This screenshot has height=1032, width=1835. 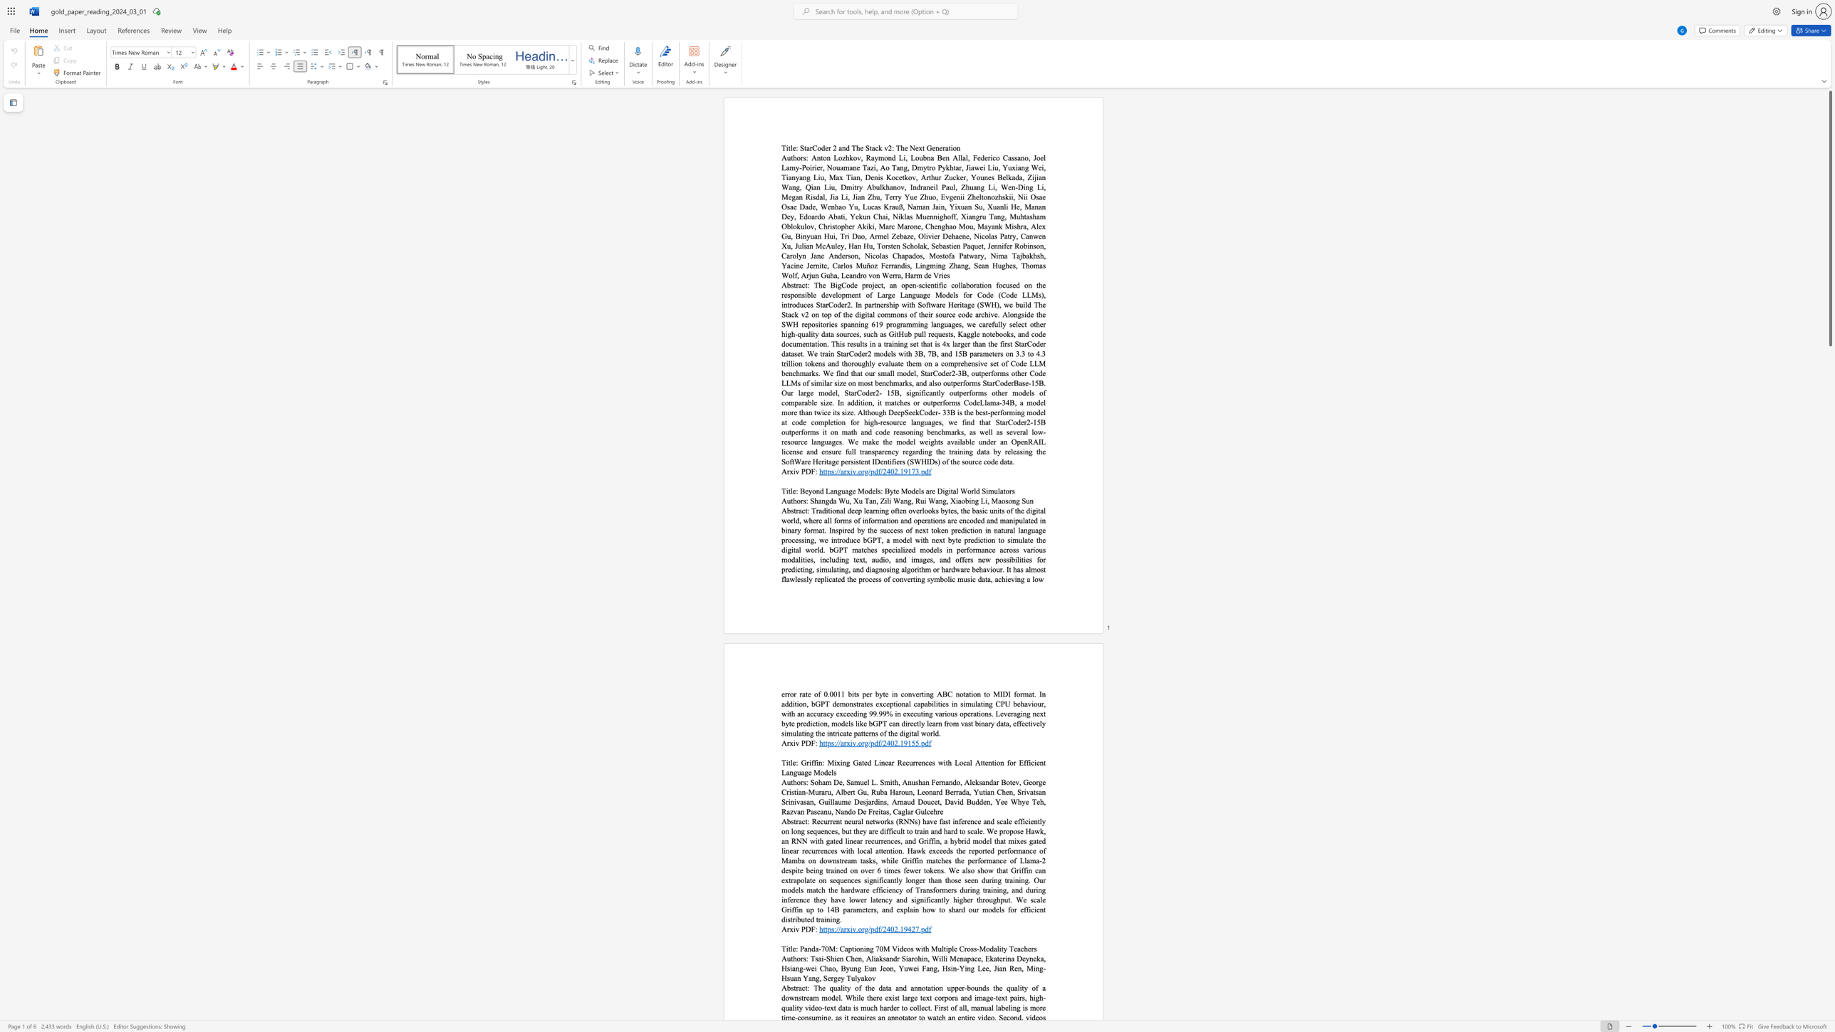 I want to click on the scrollbar to move the page down, so click(x=1829, y=821).